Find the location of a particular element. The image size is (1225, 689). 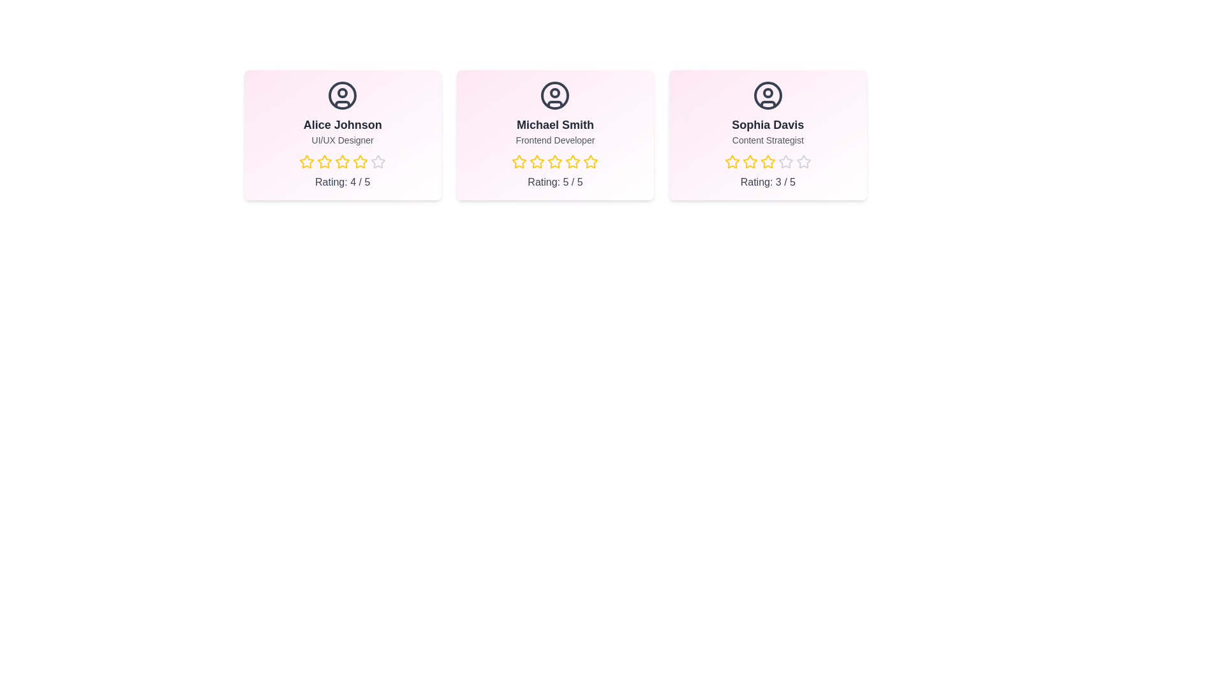

the star corresponding to 1 stars for the team member Michael Smith is located at coordinates (512, 161).